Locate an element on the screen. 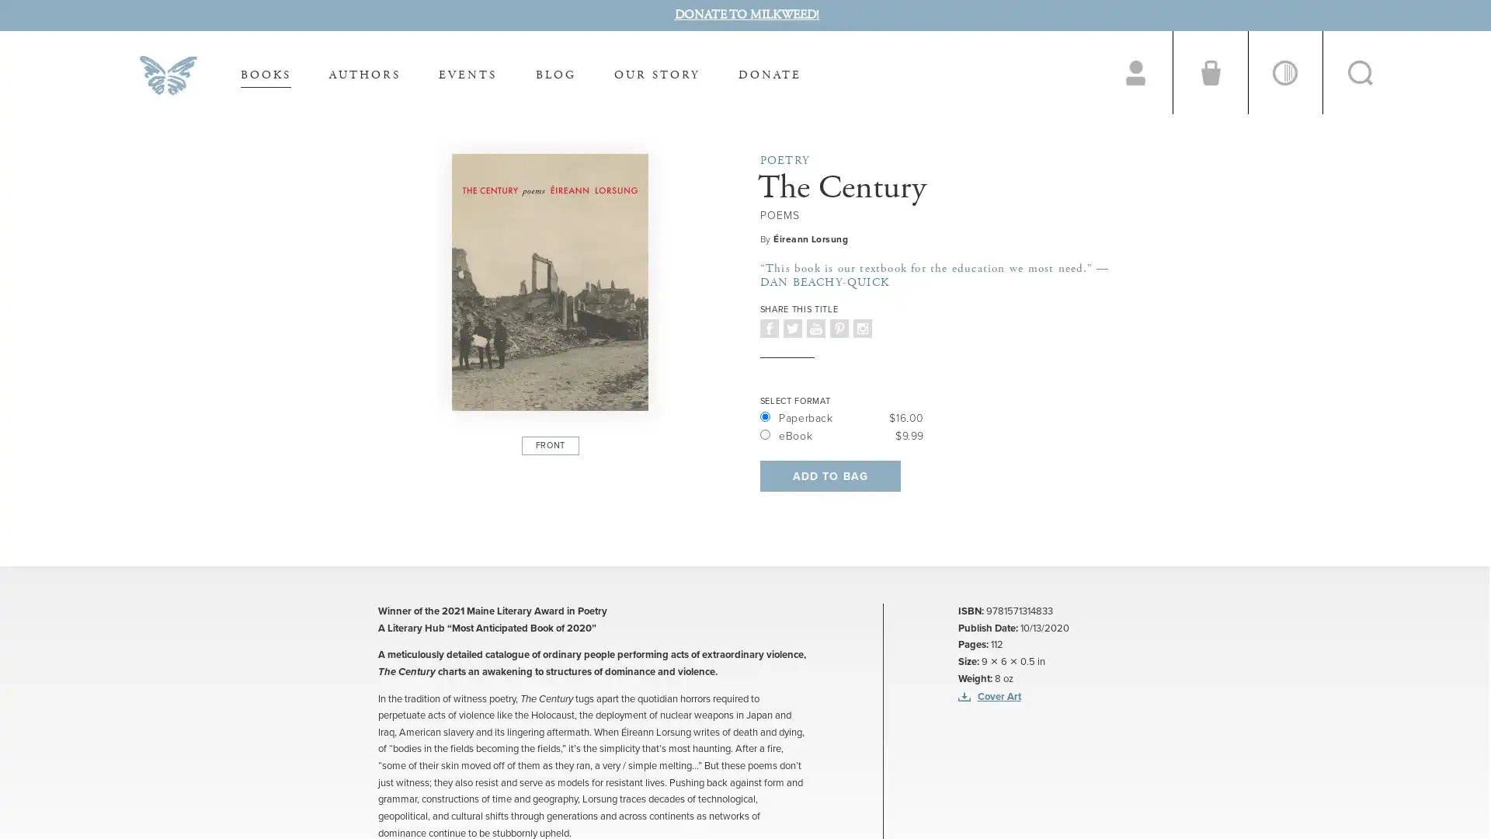 The image size is (1491, 839). Add to bag is located at coordinates (829, 475).